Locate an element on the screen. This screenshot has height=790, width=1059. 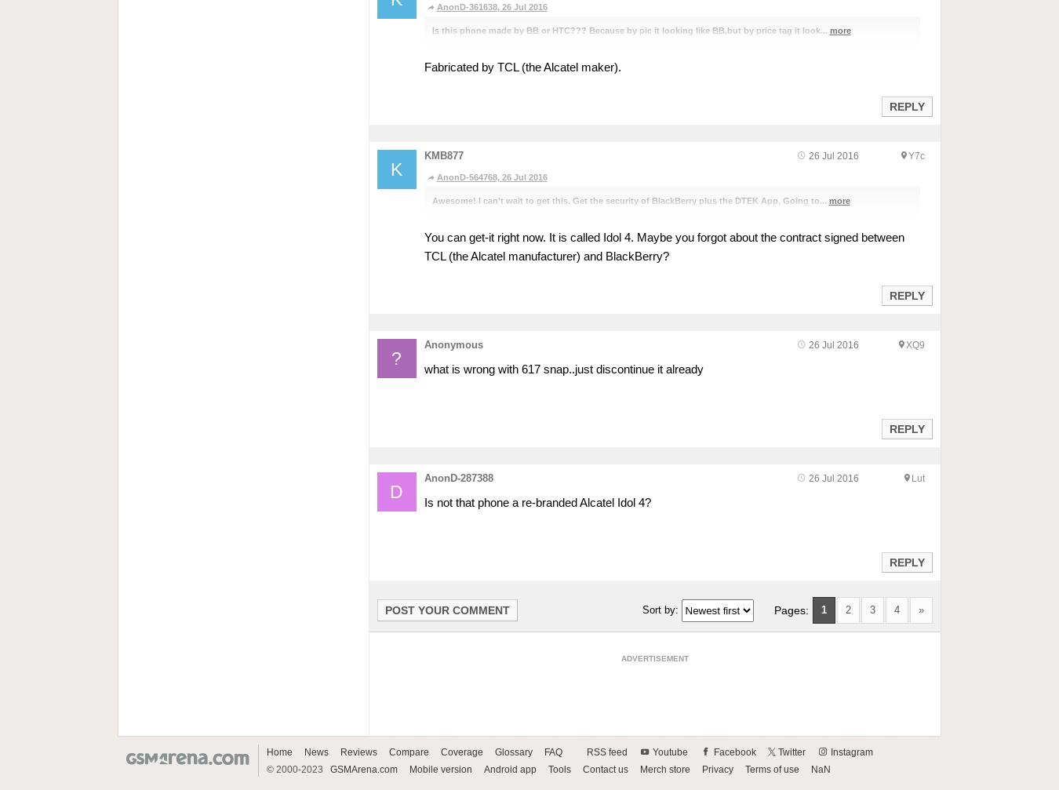
'?' is located at coordinates (395, 357).